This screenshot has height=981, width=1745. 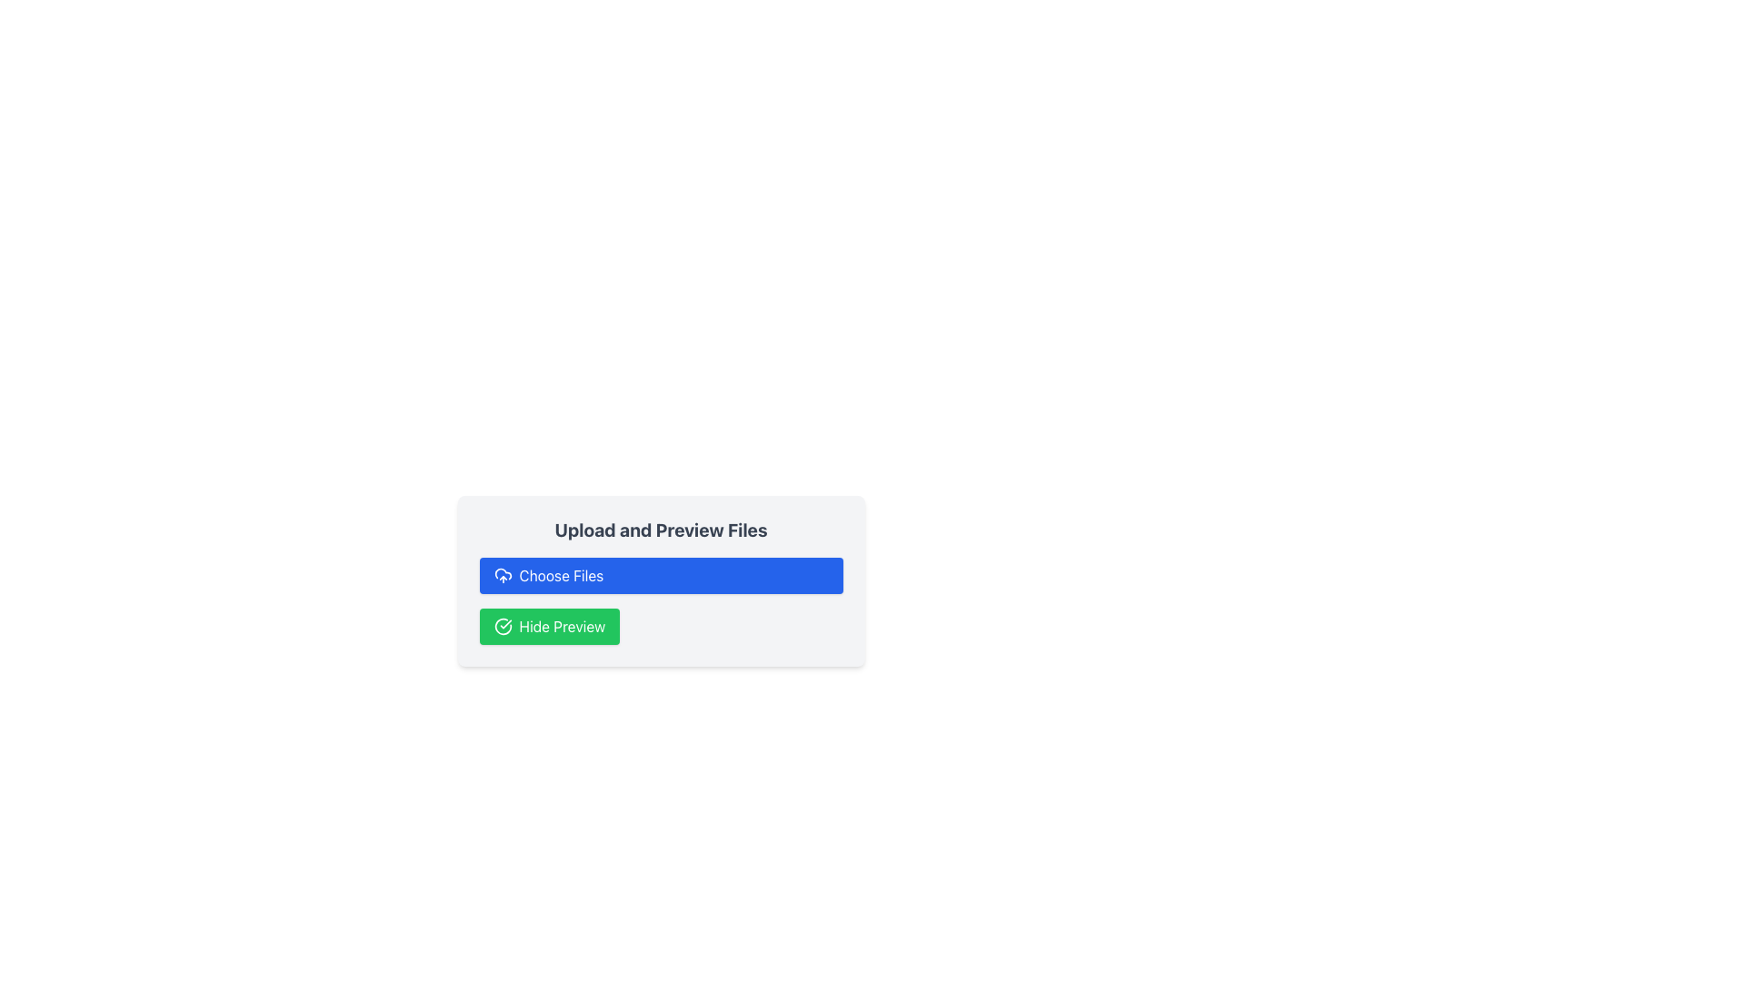 I want to click on the icon within the 'Choose Files' button, so click(x=503, y=575).